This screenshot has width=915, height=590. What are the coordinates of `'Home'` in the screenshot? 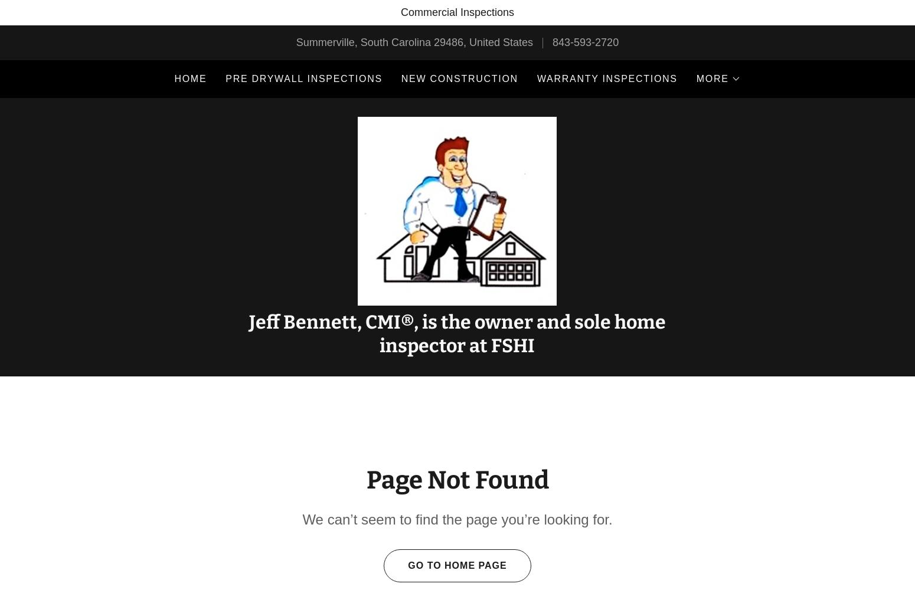 It's located at (189, 78).